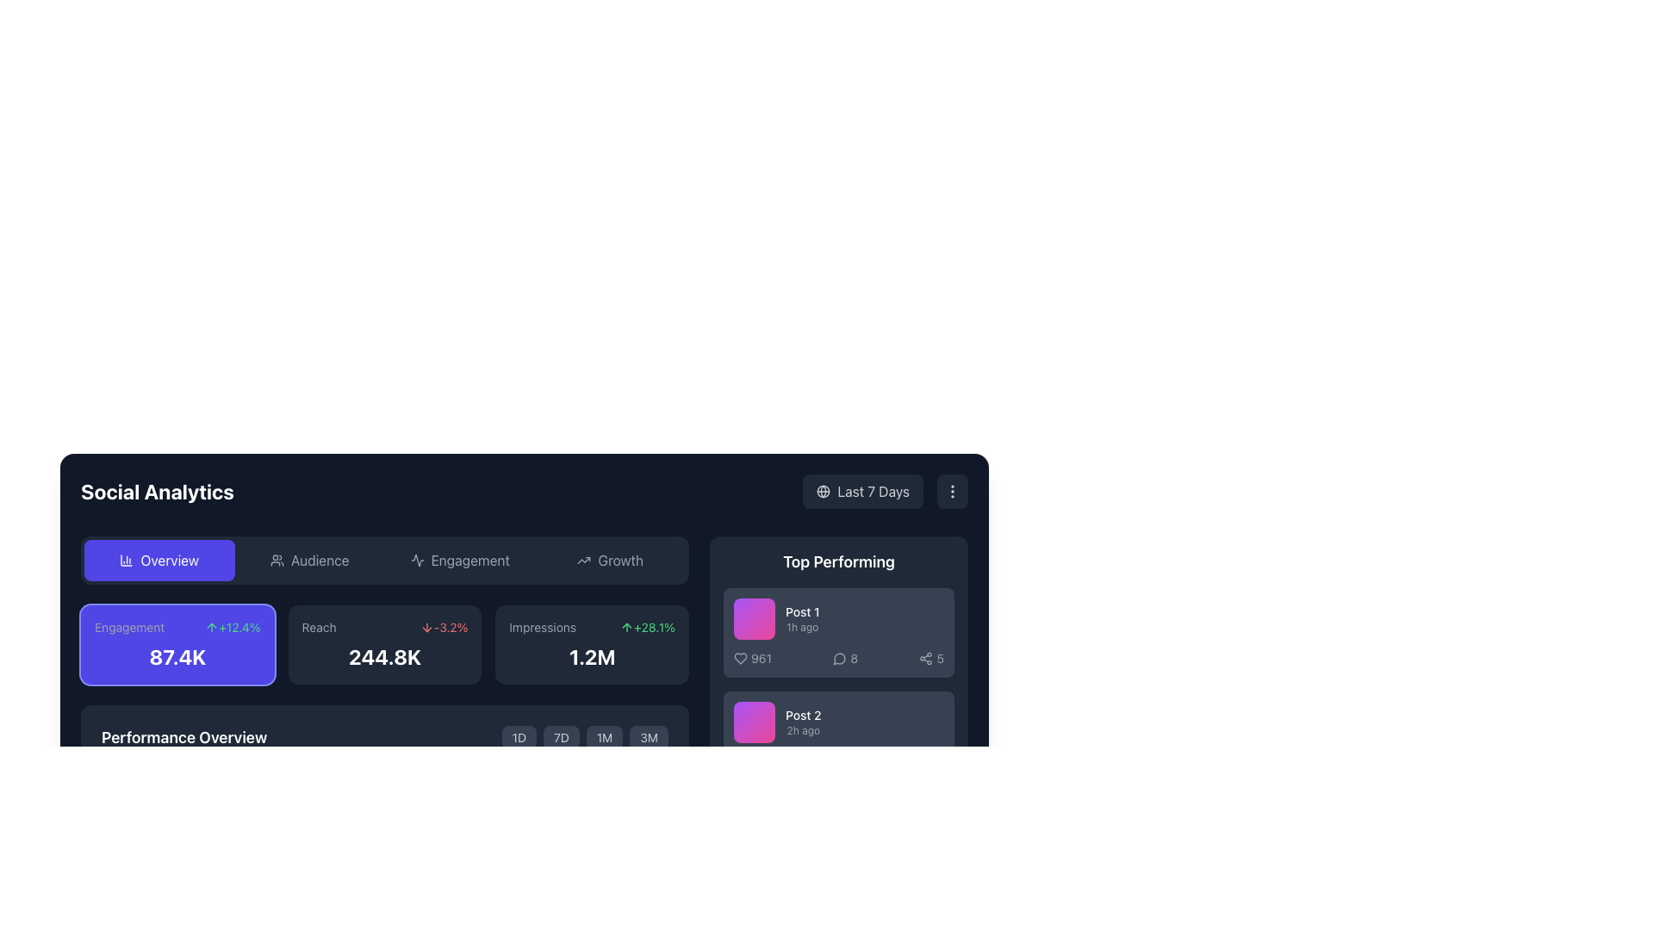 The height and width of the screenshot is (930, 1654). I want to click on the button labeled '1M' which has a dark gray background and light gray text, so click(604, 736).